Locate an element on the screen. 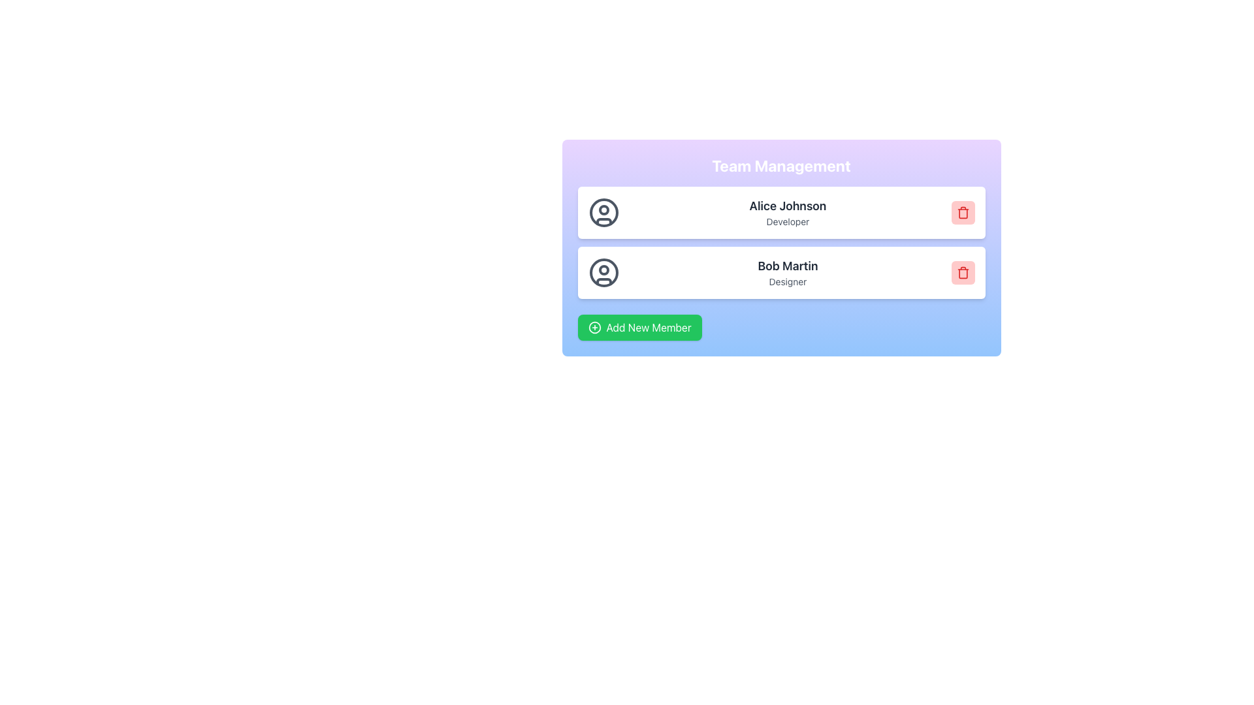 This screenshot has width=1254, height=705. the delete button with a light red background and a trash can icon located in the top-right corner of the card for 'Alice Johnson, Developer' is located at coordinates (963, 212).